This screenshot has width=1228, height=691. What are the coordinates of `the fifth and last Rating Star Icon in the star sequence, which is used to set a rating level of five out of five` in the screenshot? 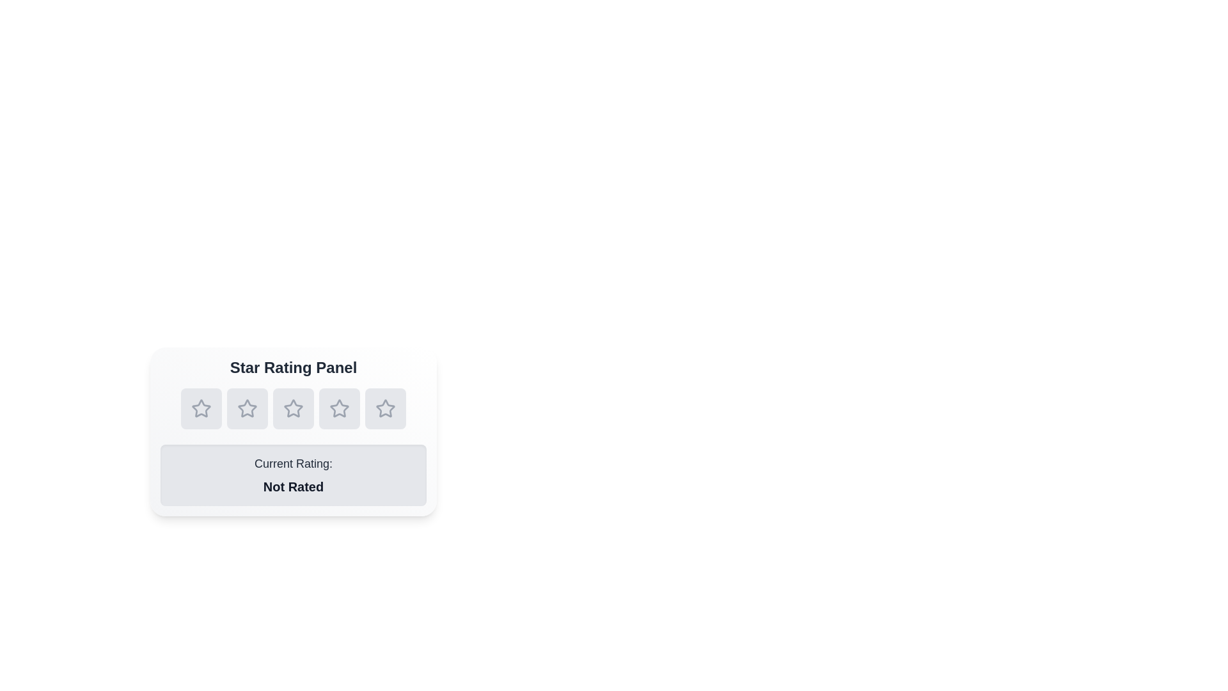 It's located at (385, 408).